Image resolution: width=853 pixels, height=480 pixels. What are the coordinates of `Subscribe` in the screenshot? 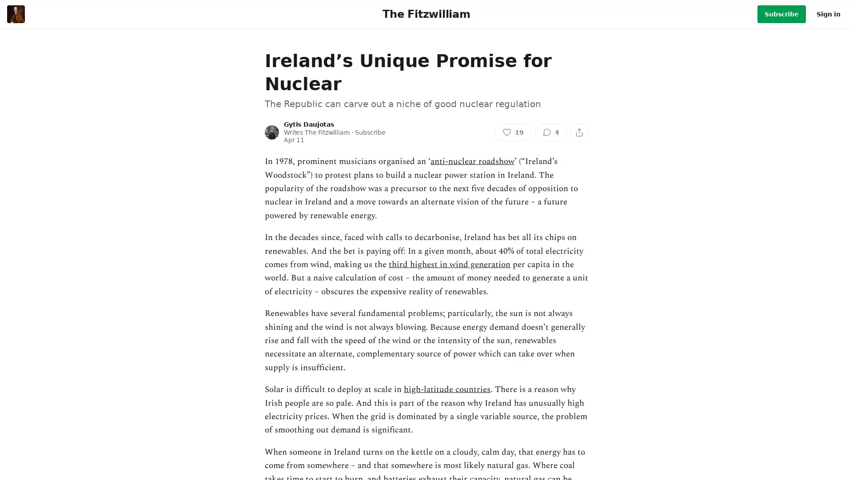 It's located at (781, 14).